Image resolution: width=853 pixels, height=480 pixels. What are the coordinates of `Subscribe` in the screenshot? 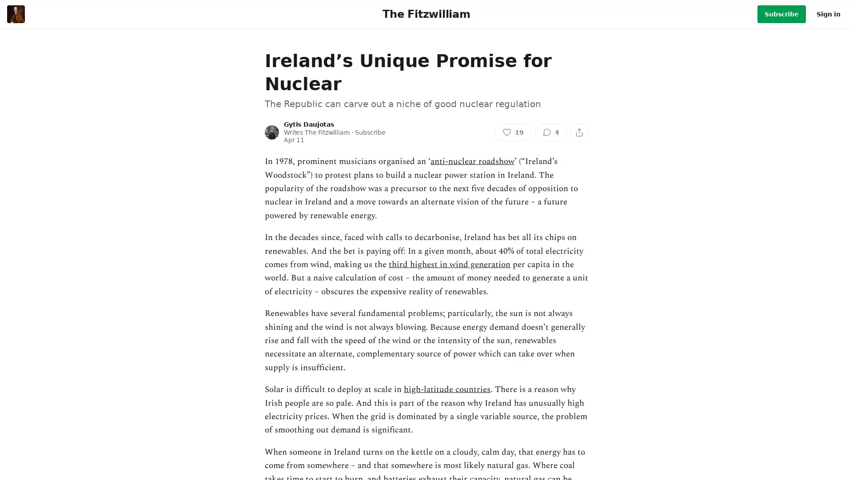 It's located at (781, 14).